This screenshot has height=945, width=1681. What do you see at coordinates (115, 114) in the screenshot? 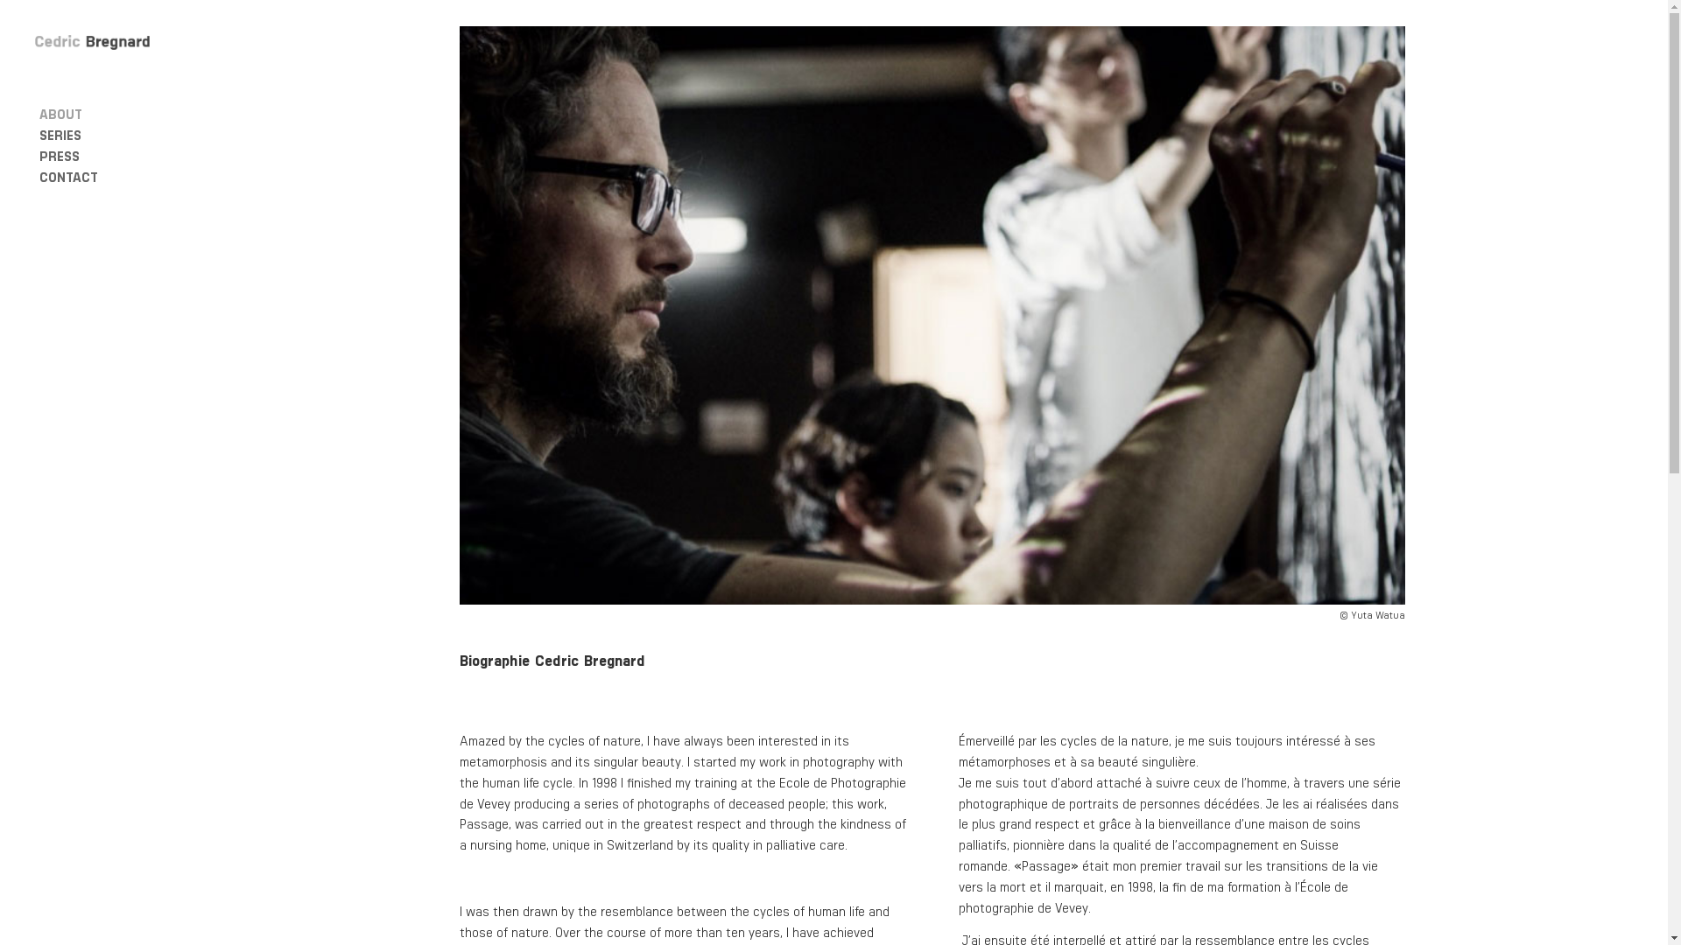
I see `'ABOUT'` at bounding box center [115, 114].